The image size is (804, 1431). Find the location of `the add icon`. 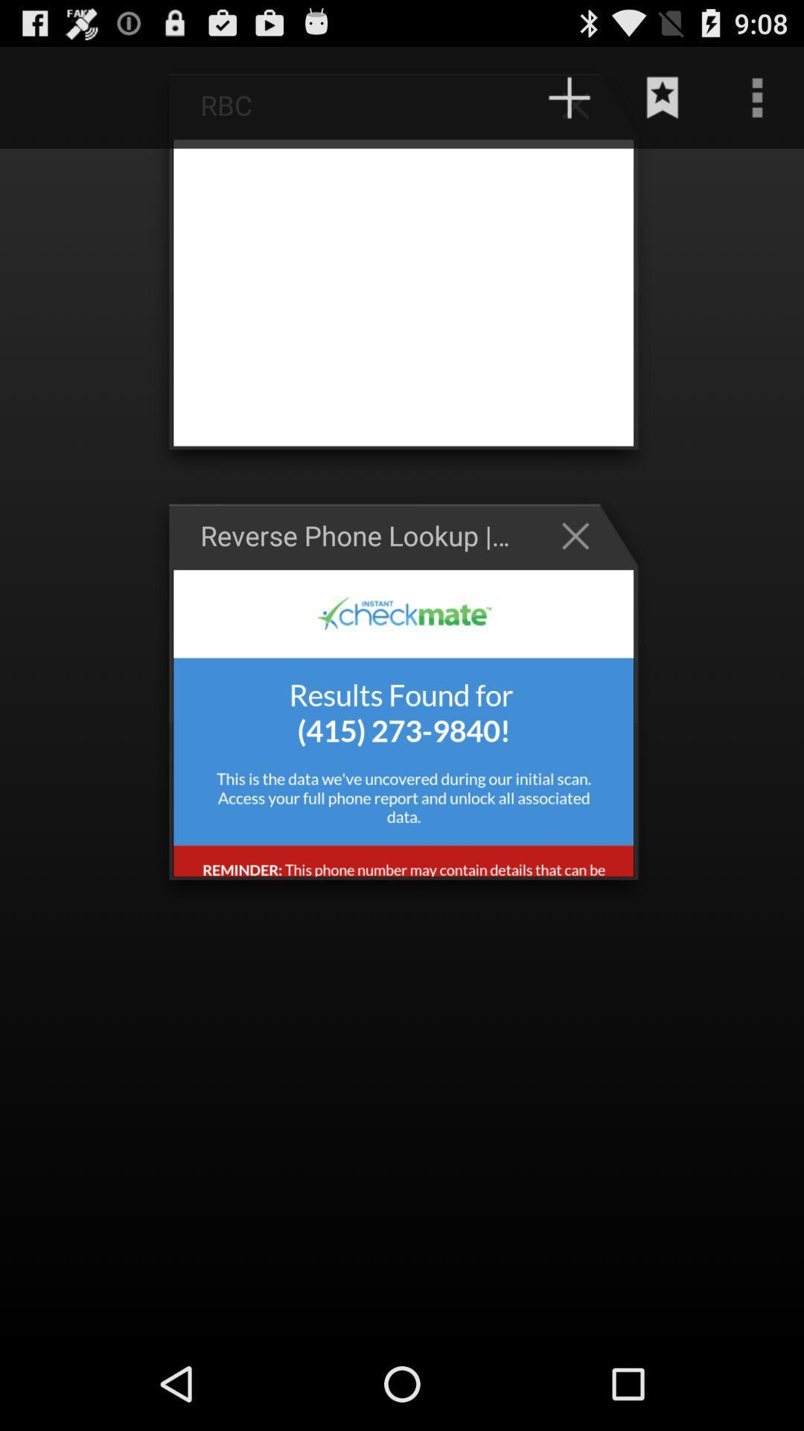

the add icon is located at coordinates (582, 111).